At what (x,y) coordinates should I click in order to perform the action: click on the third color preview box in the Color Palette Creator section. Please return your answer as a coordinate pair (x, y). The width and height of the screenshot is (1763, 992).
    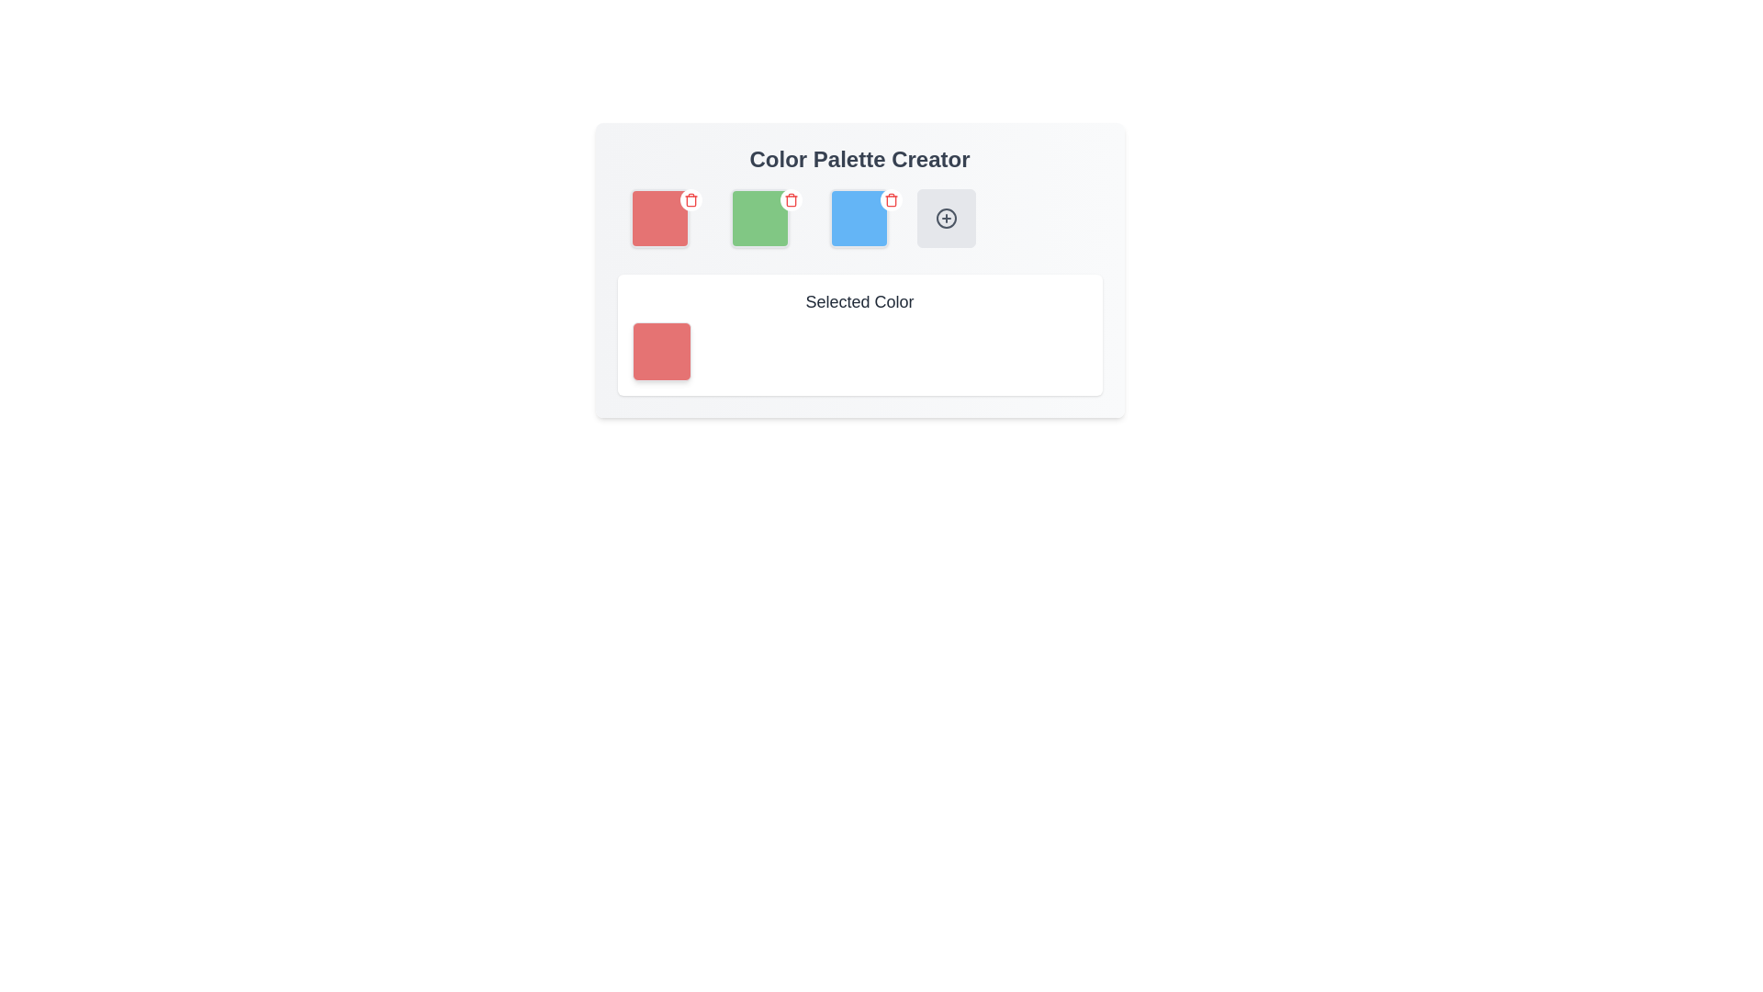
    Looking at the image, I should click on (859, 220).